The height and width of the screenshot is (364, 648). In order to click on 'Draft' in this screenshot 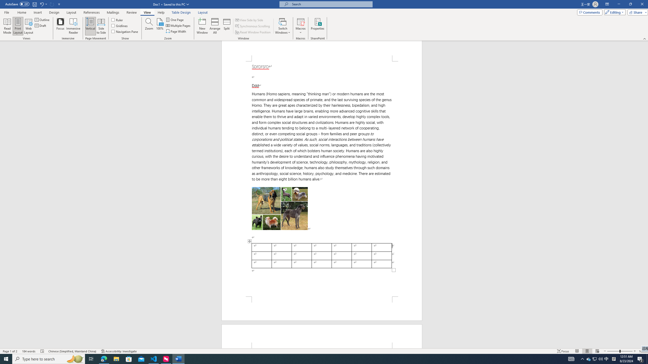, I will do `click(40, 25)`.